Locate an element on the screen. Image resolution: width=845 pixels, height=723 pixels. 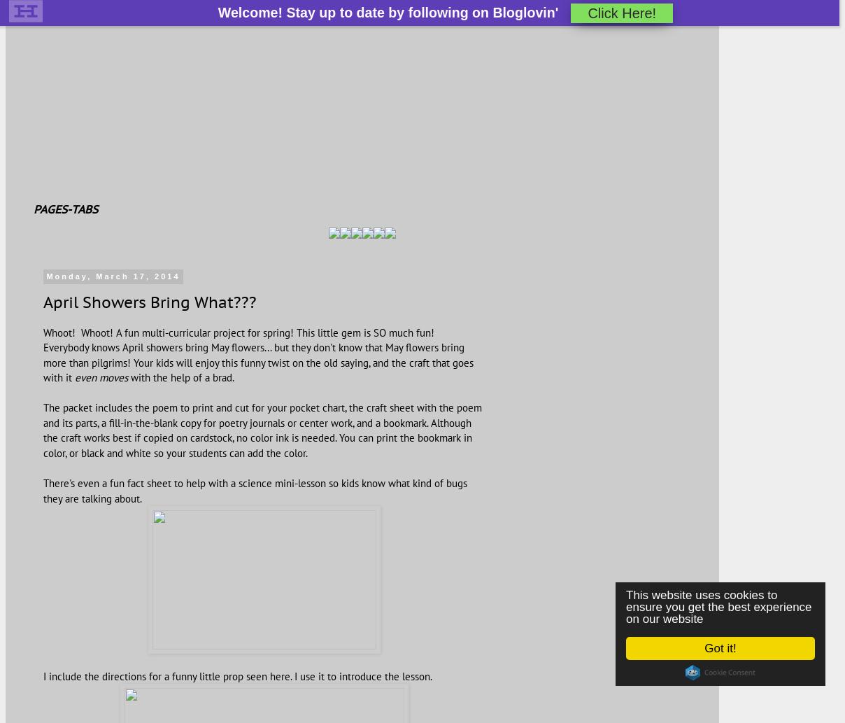
'April Showers Bring What???' is located at coordinates (150, 301).